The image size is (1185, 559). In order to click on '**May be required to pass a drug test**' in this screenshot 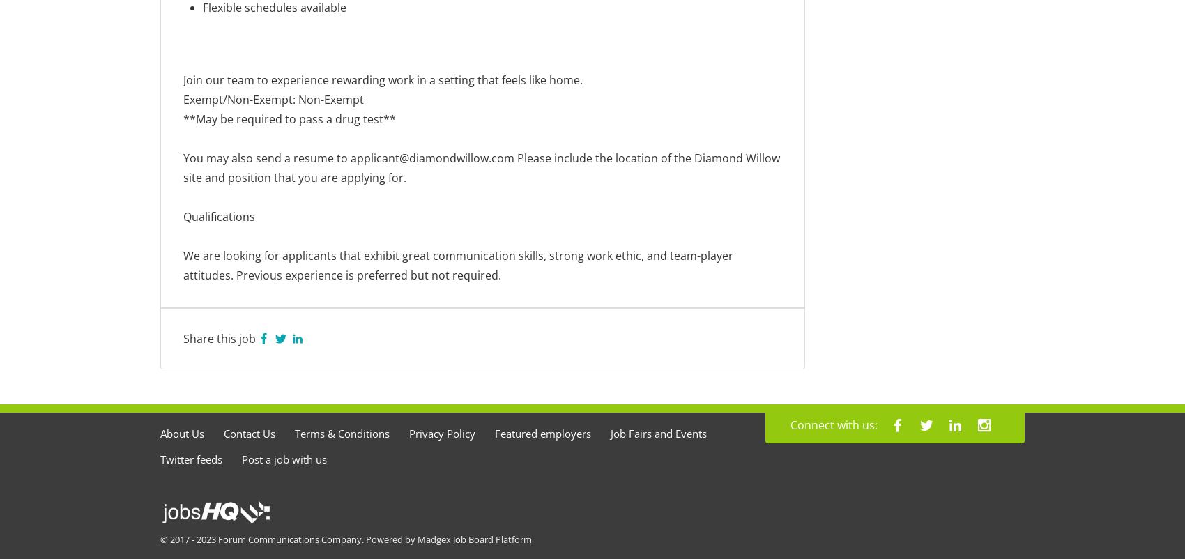, I will do `click(289, 118)`.